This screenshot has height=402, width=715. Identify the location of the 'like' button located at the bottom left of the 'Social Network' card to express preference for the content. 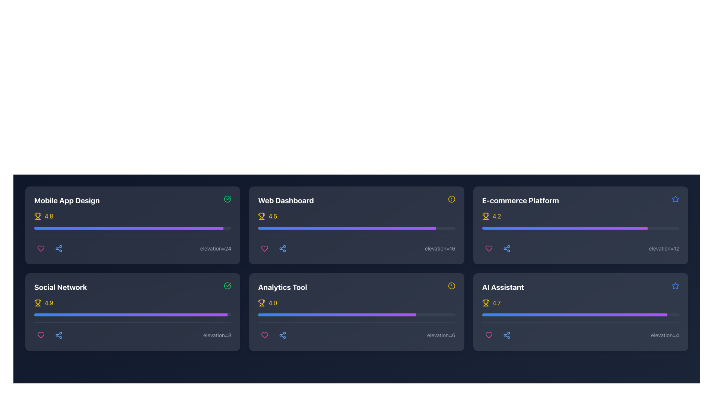
(41, 335).